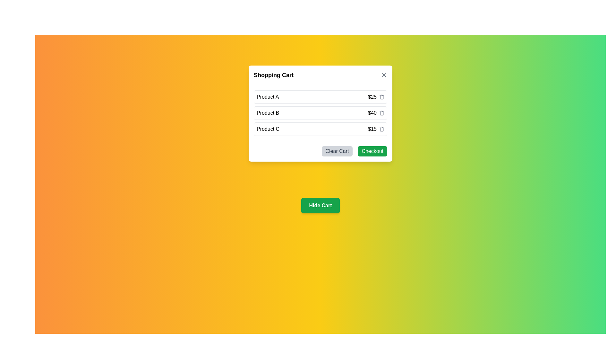  Describe the element at coordinates (376, 112) in the screenshot. I see `the static text displaying the dollar amount '$40' which is located in the shopping cart dialog, specifically next to 'Product B' and to the left of the trash icon` at that location.